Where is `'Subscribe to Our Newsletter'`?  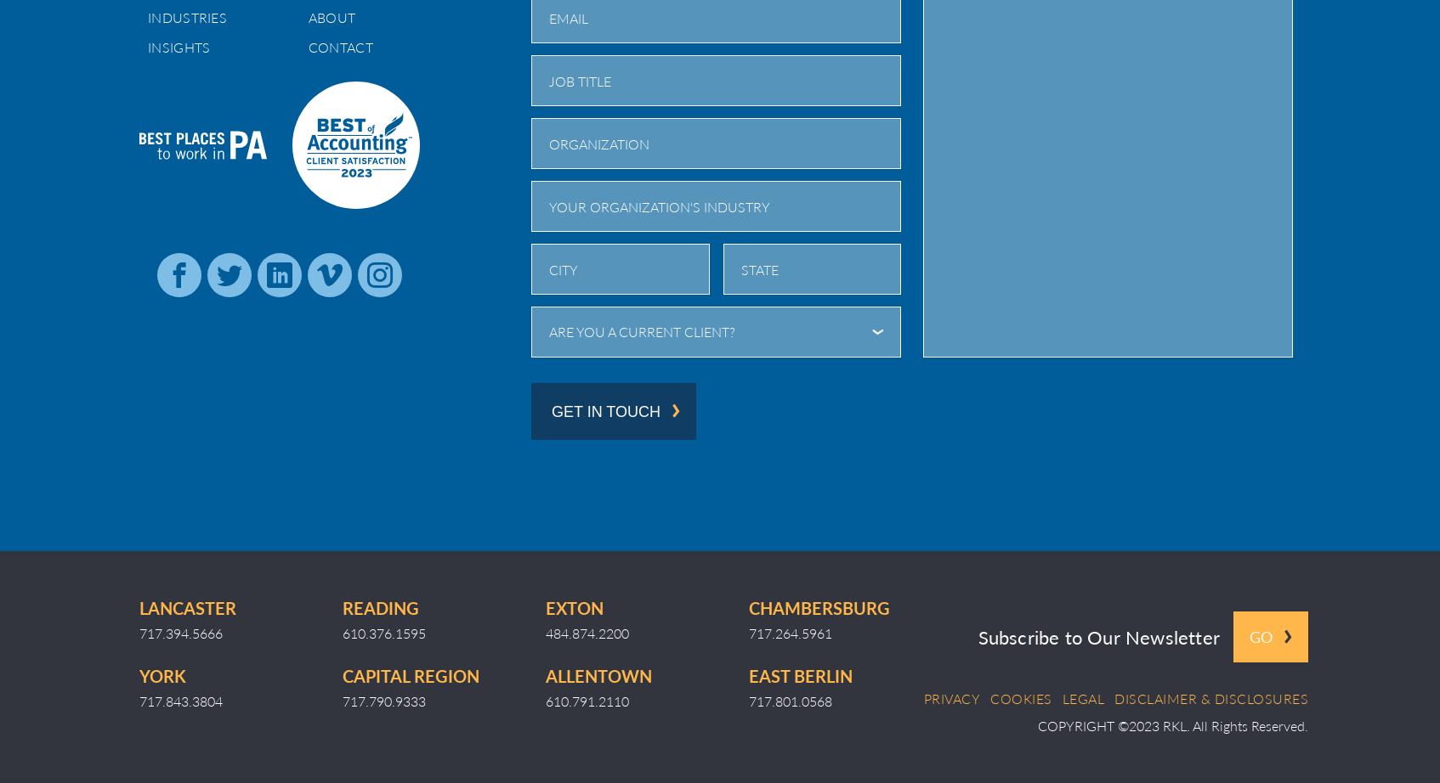 'Subscribe to Our Newsletter' is located at coordinates (1098, 635).